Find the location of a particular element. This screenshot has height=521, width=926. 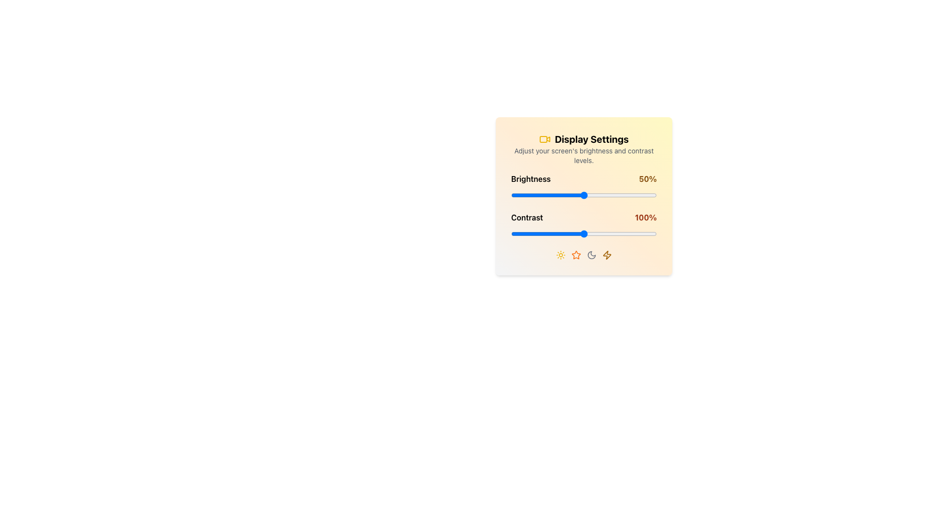

the third icon from the left in the row of icons at the bottom of the Display Settings panel is located at coordinates (591, 254).